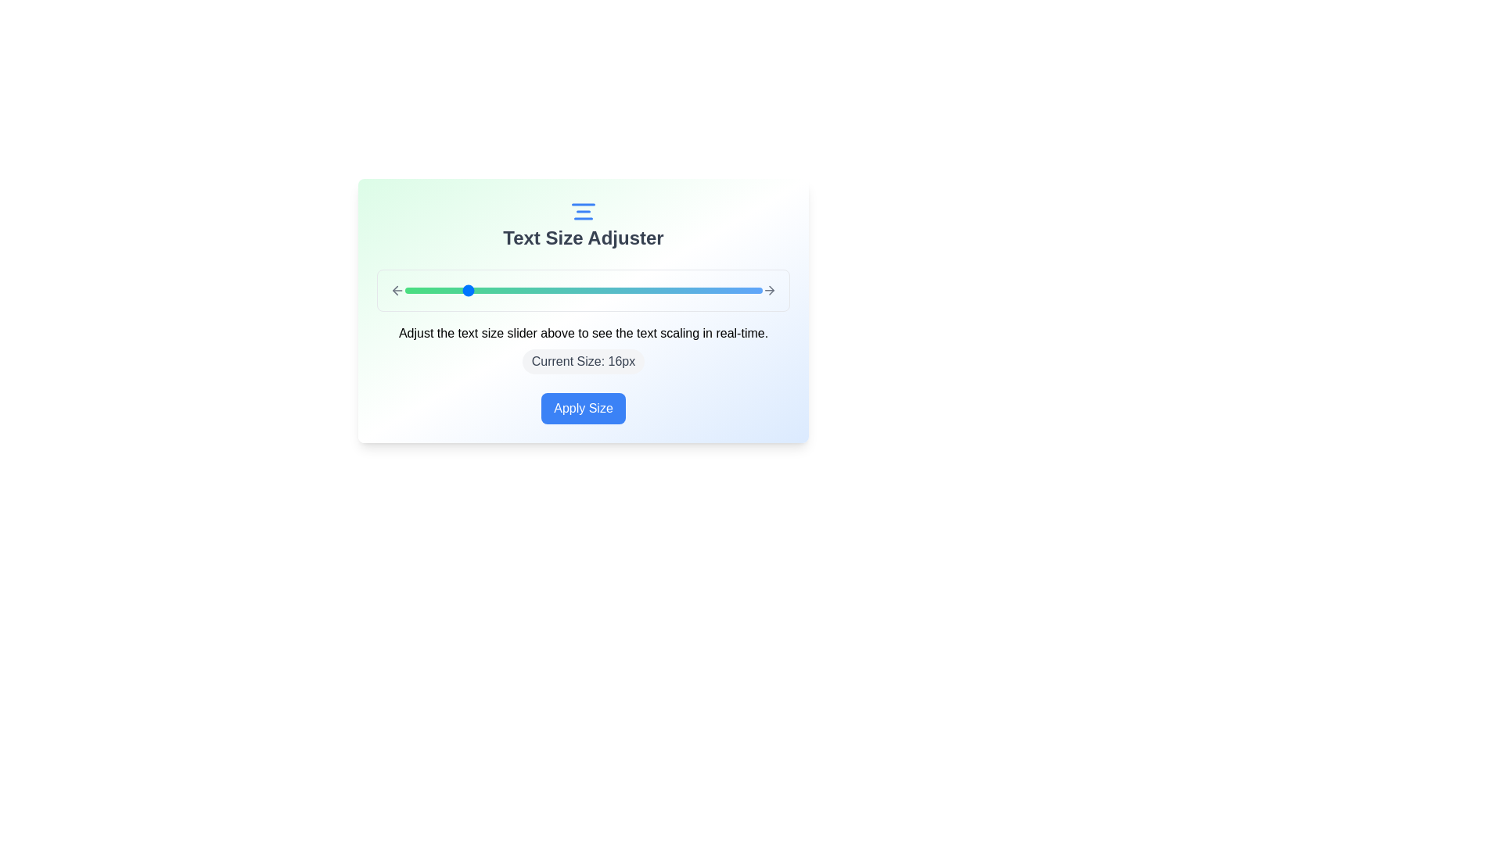 The height and width of the screenshot is (844, 1502). What do you see at coordinates (613, 290) in the screenshot?
I see `the text size slider to set the text size to 26px` at bounding box center [613, 290].